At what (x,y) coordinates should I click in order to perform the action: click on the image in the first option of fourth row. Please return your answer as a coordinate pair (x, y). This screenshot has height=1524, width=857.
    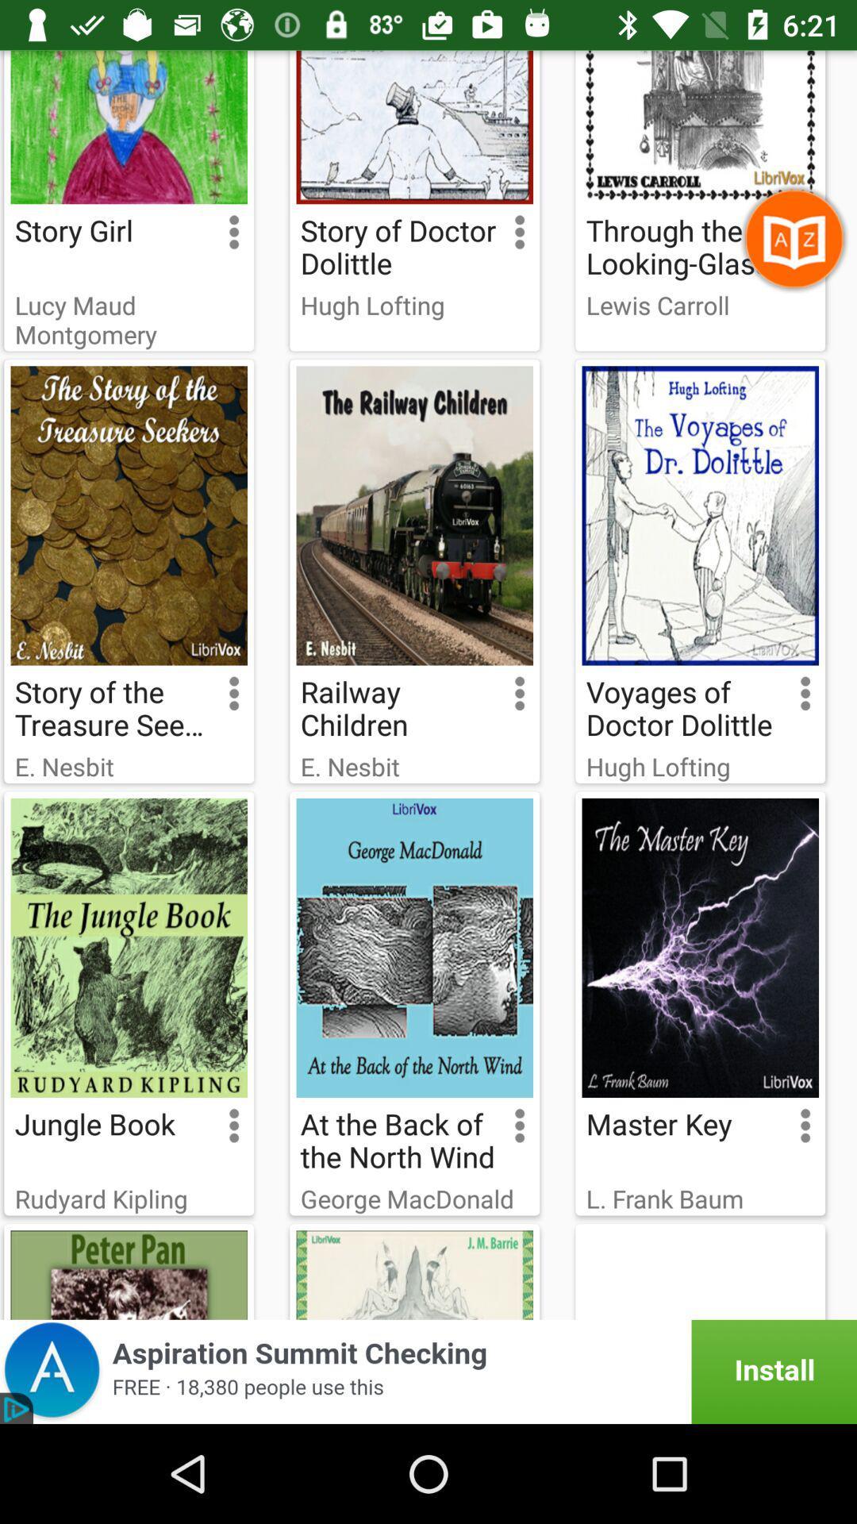
    Looking at the image, I should click on (128, 1272).